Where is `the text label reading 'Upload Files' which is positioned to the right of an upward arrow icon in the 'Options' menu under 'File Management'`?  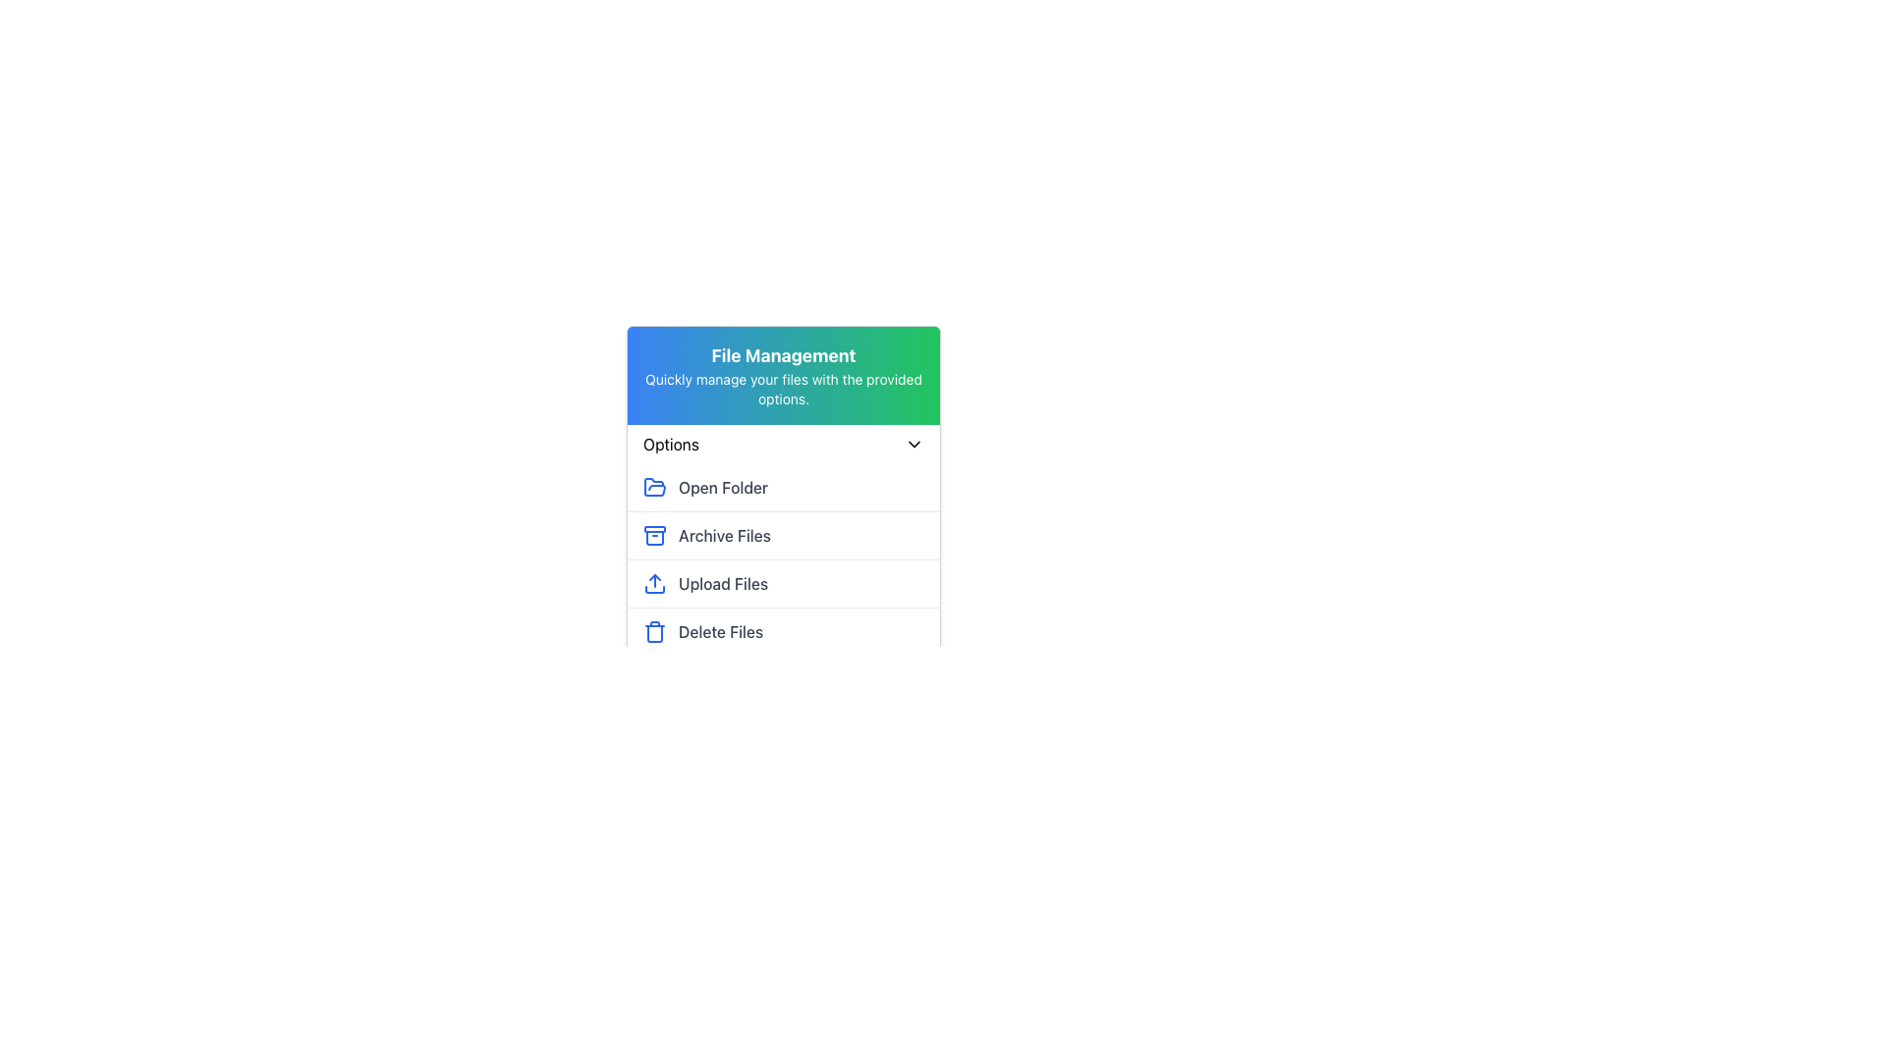 the text label reading 'Upload Files' which is positioned to the right of an upward arrow icon in the 'Options' menu under 'File Management' is located at coordinates (722, 582).